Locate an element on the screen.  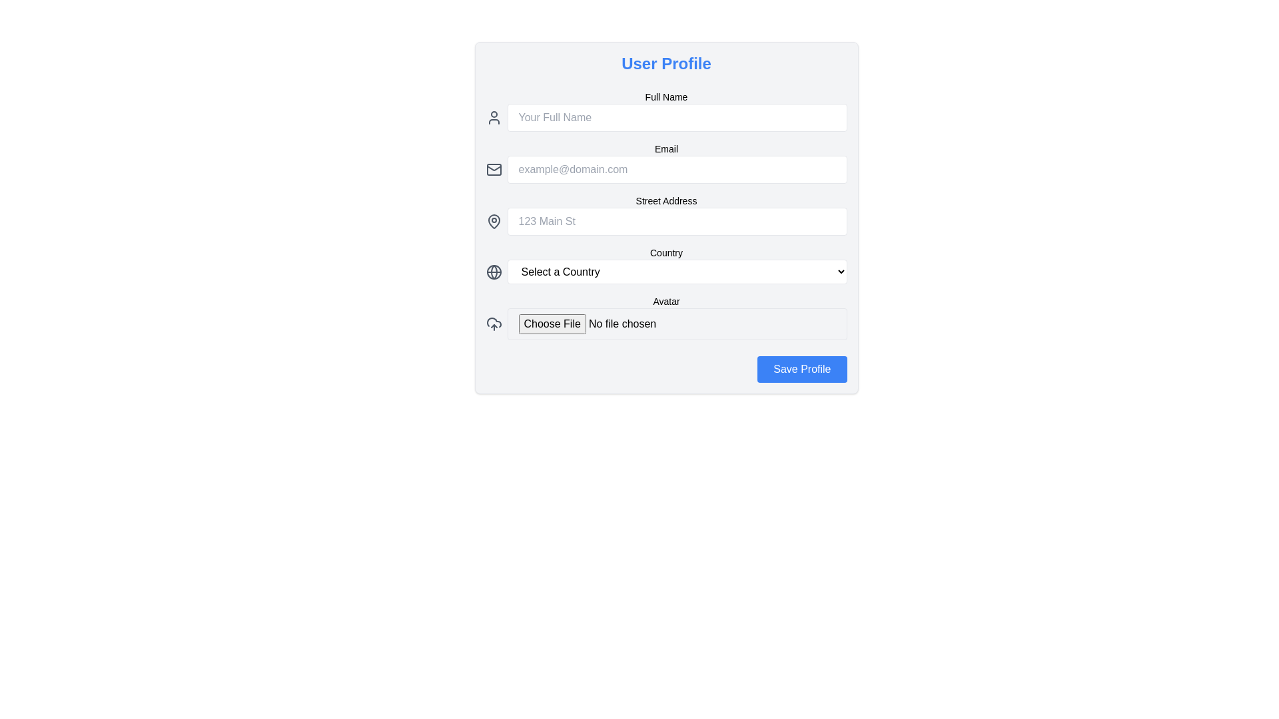
the 'Save' button is located at coordinates (801, 369).